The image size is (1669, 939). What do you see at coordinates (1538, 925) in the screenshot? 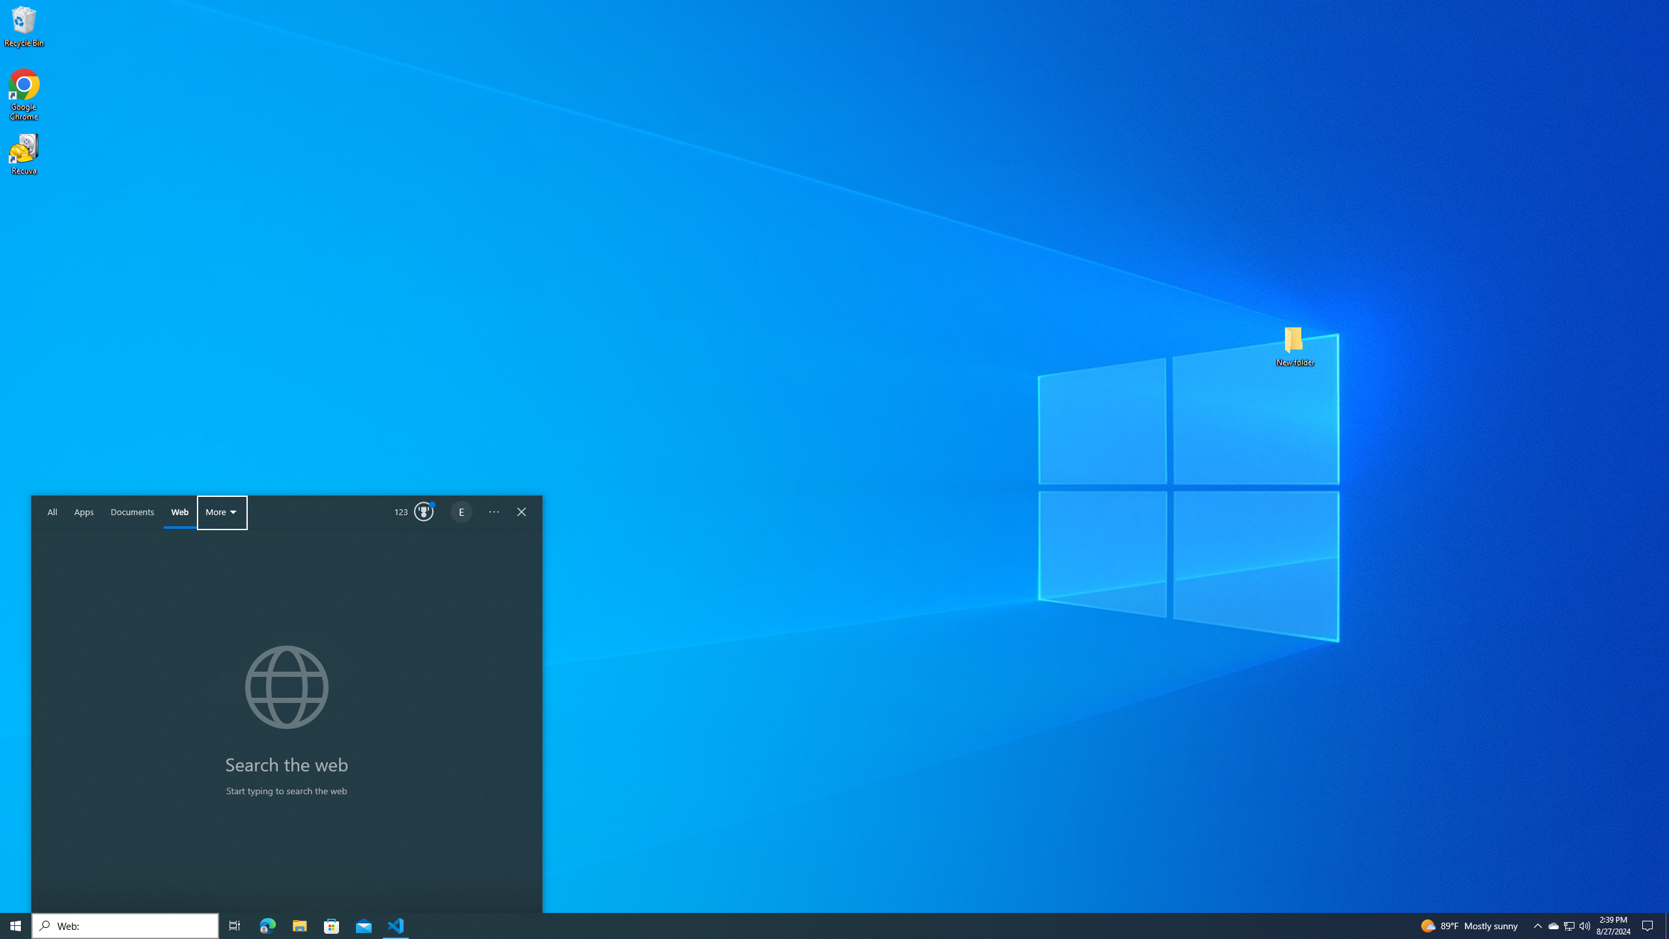
I see `'User Promoted Notification Area'` at bounding box center [1538, 925].